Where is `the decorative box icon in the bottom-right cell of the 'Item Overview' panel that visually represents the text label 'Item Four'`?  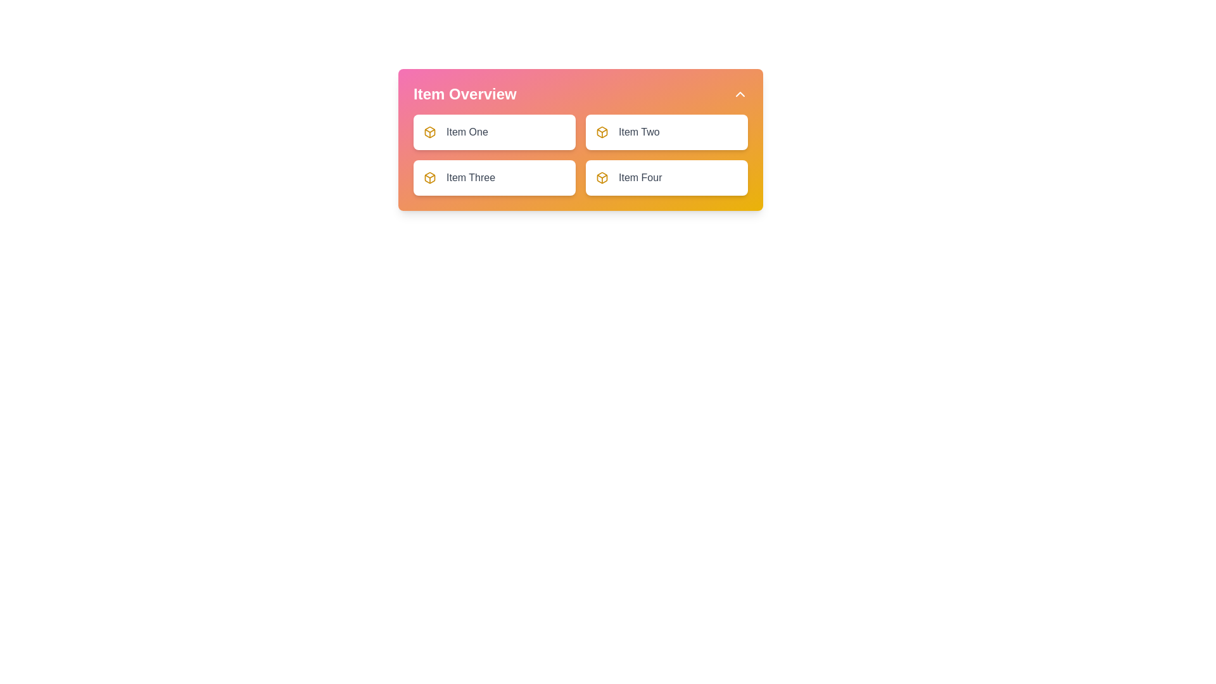
the decorative box icon in the bottom-right cell of the 'Item Overview' panel that visually represents the text label 'Item Four' is located at coordinates (601, 178).